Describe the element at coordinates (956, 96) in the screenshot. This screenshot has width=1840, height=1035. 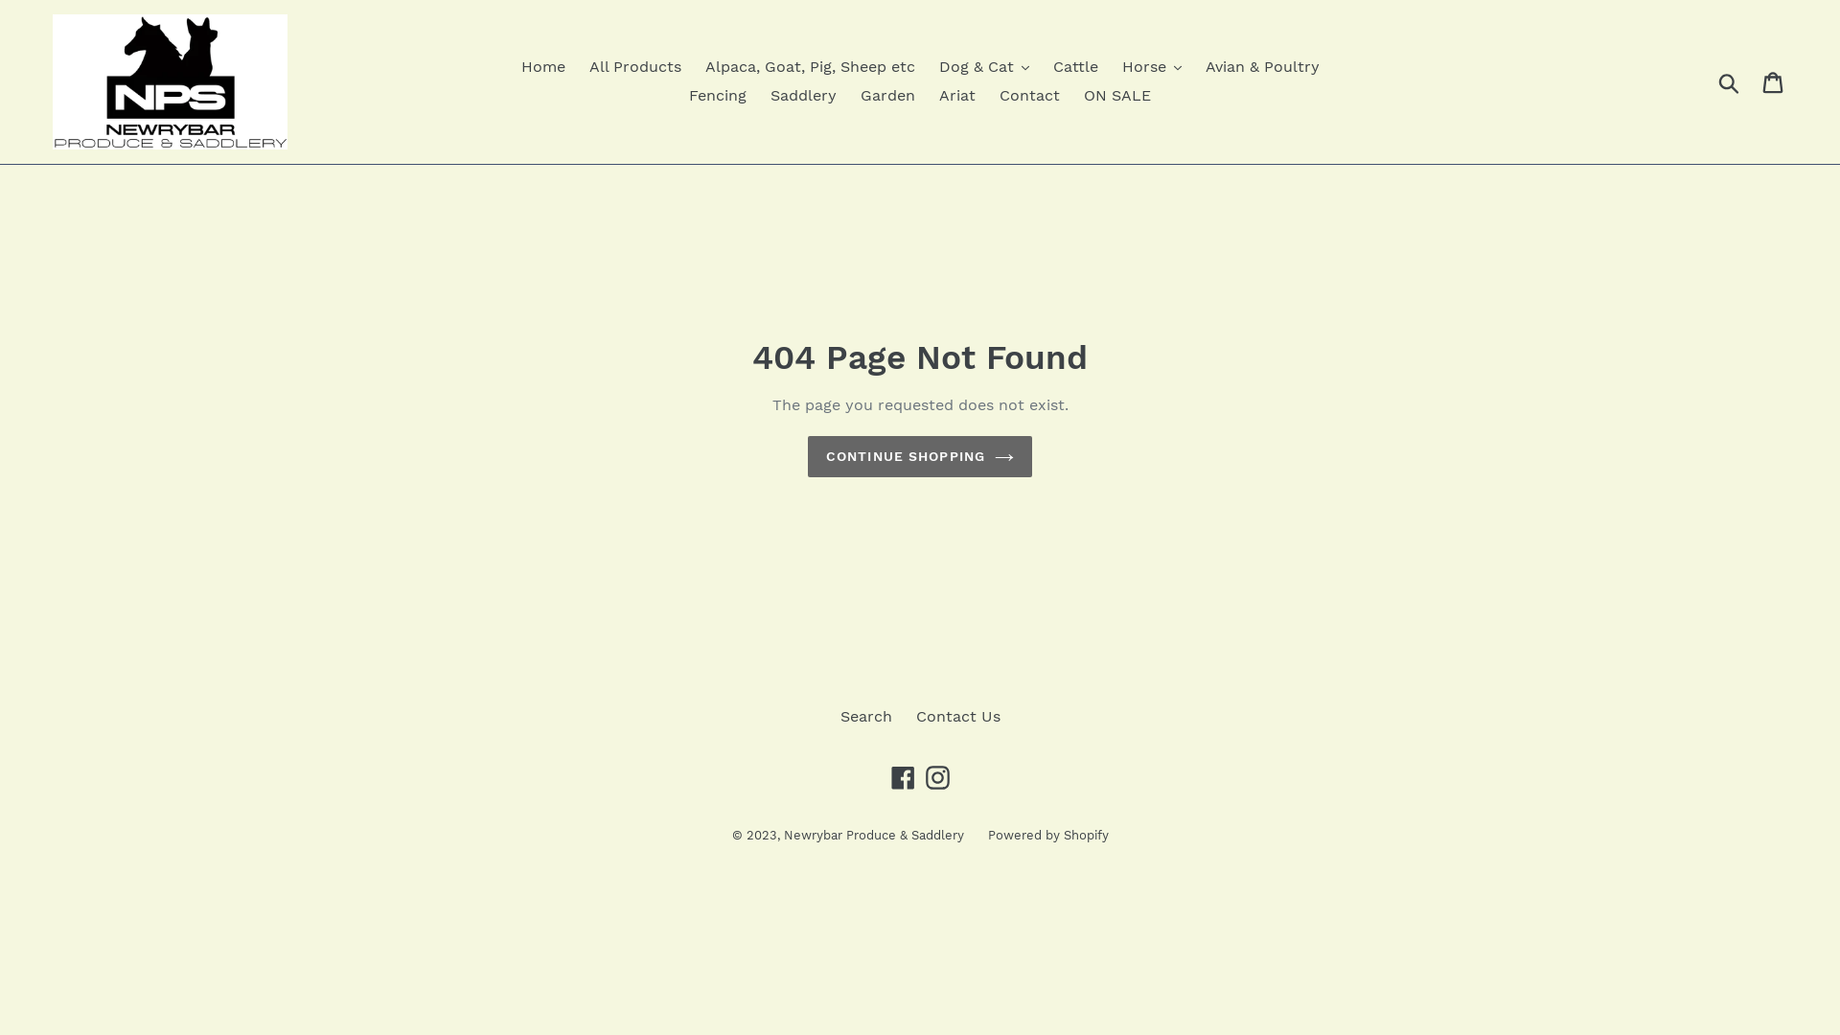
I see `'Ariat'` at that location.